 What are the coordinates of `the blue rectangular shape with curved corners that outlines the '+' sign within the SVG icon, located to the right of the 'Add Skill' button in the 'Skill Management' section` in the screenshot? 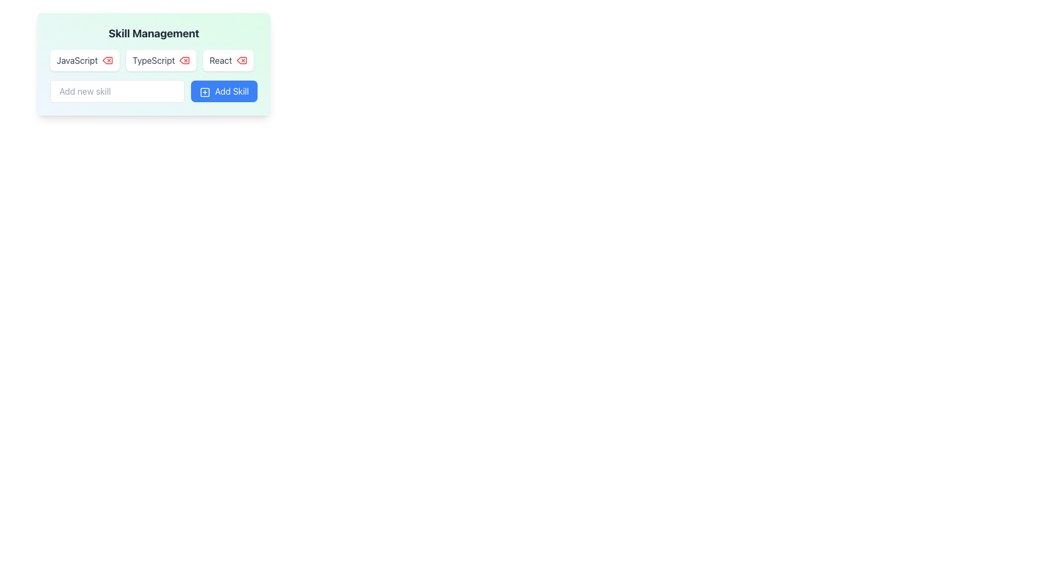 It's located at (205, 91).